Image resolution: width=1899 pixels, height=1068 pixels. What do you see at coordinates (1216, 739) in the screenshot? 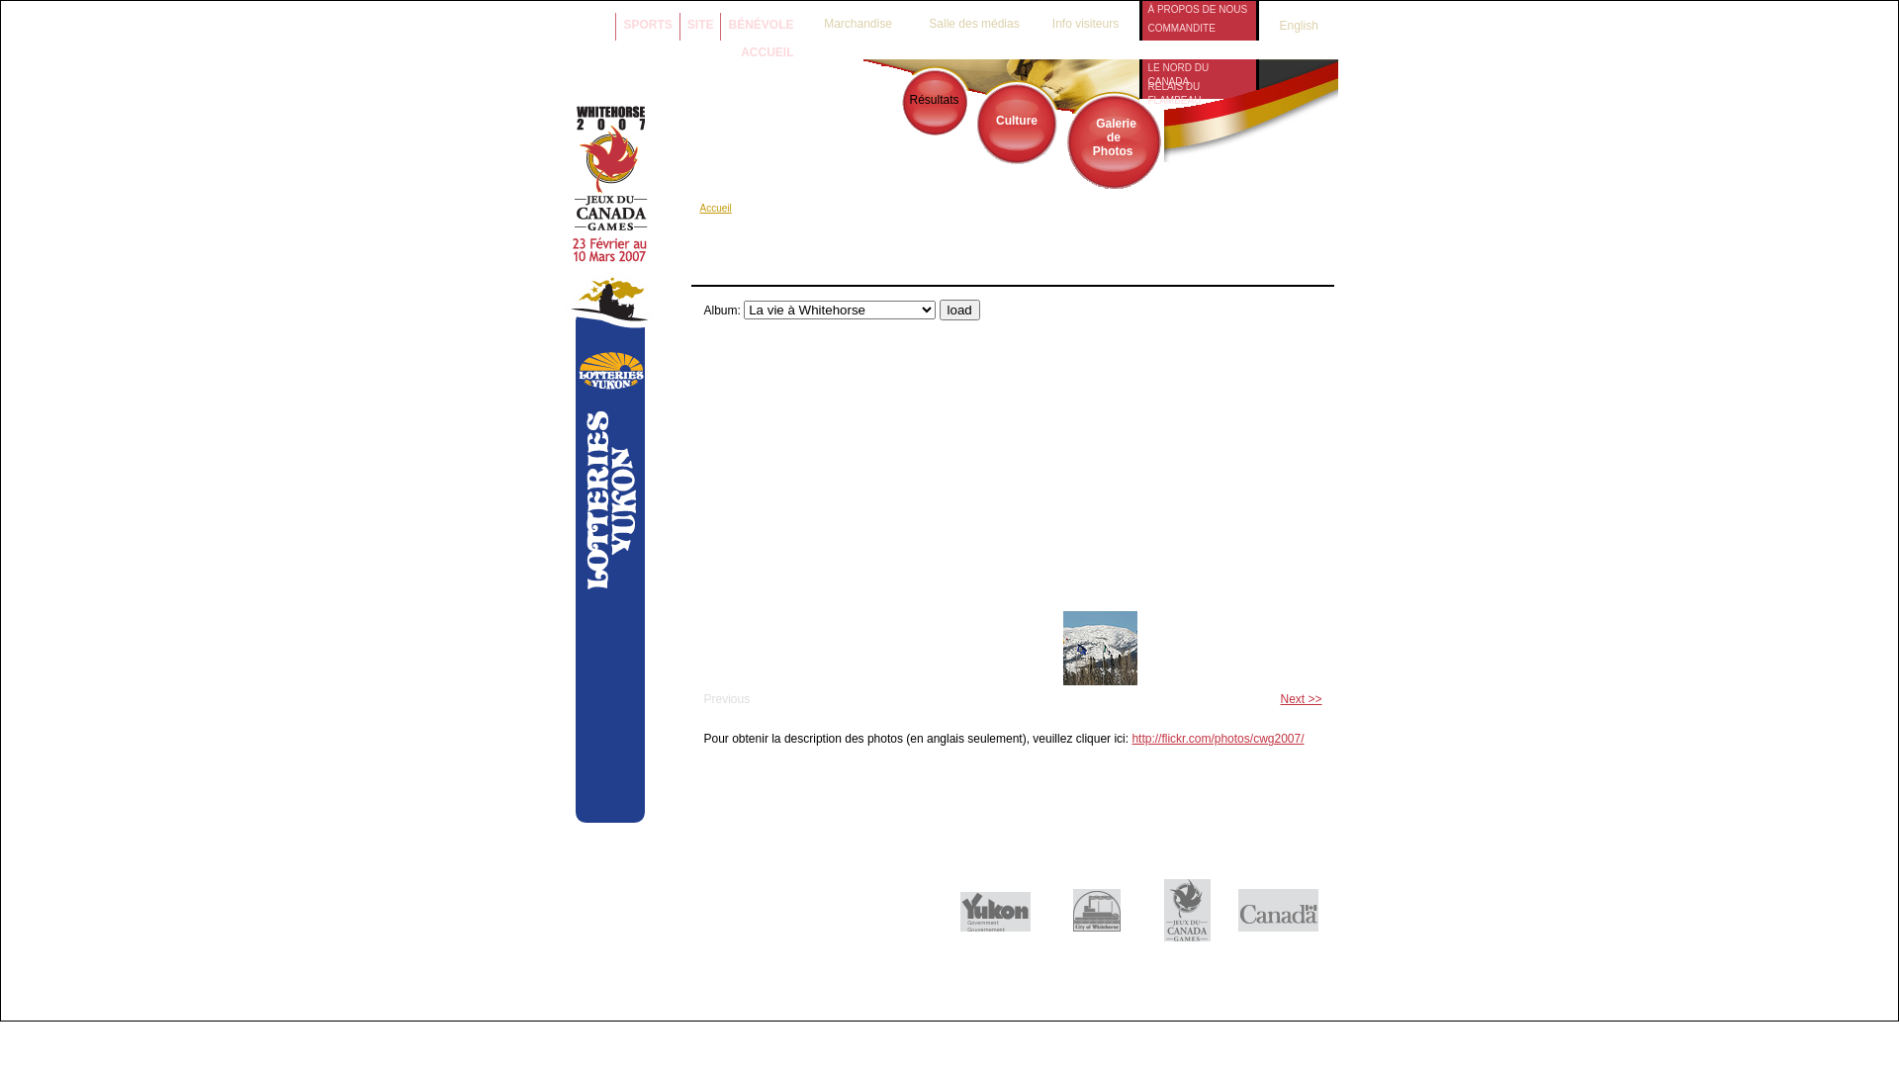
I see `'http://flickr.com/photos/cwg2007/'` at bounding box center [1216, 739].